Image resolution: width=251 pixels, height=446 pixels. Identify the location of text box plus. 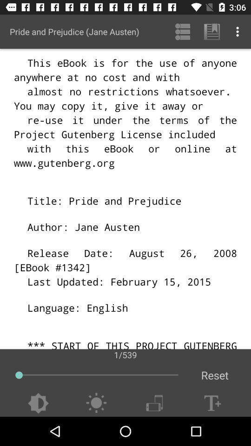
(212, 403).